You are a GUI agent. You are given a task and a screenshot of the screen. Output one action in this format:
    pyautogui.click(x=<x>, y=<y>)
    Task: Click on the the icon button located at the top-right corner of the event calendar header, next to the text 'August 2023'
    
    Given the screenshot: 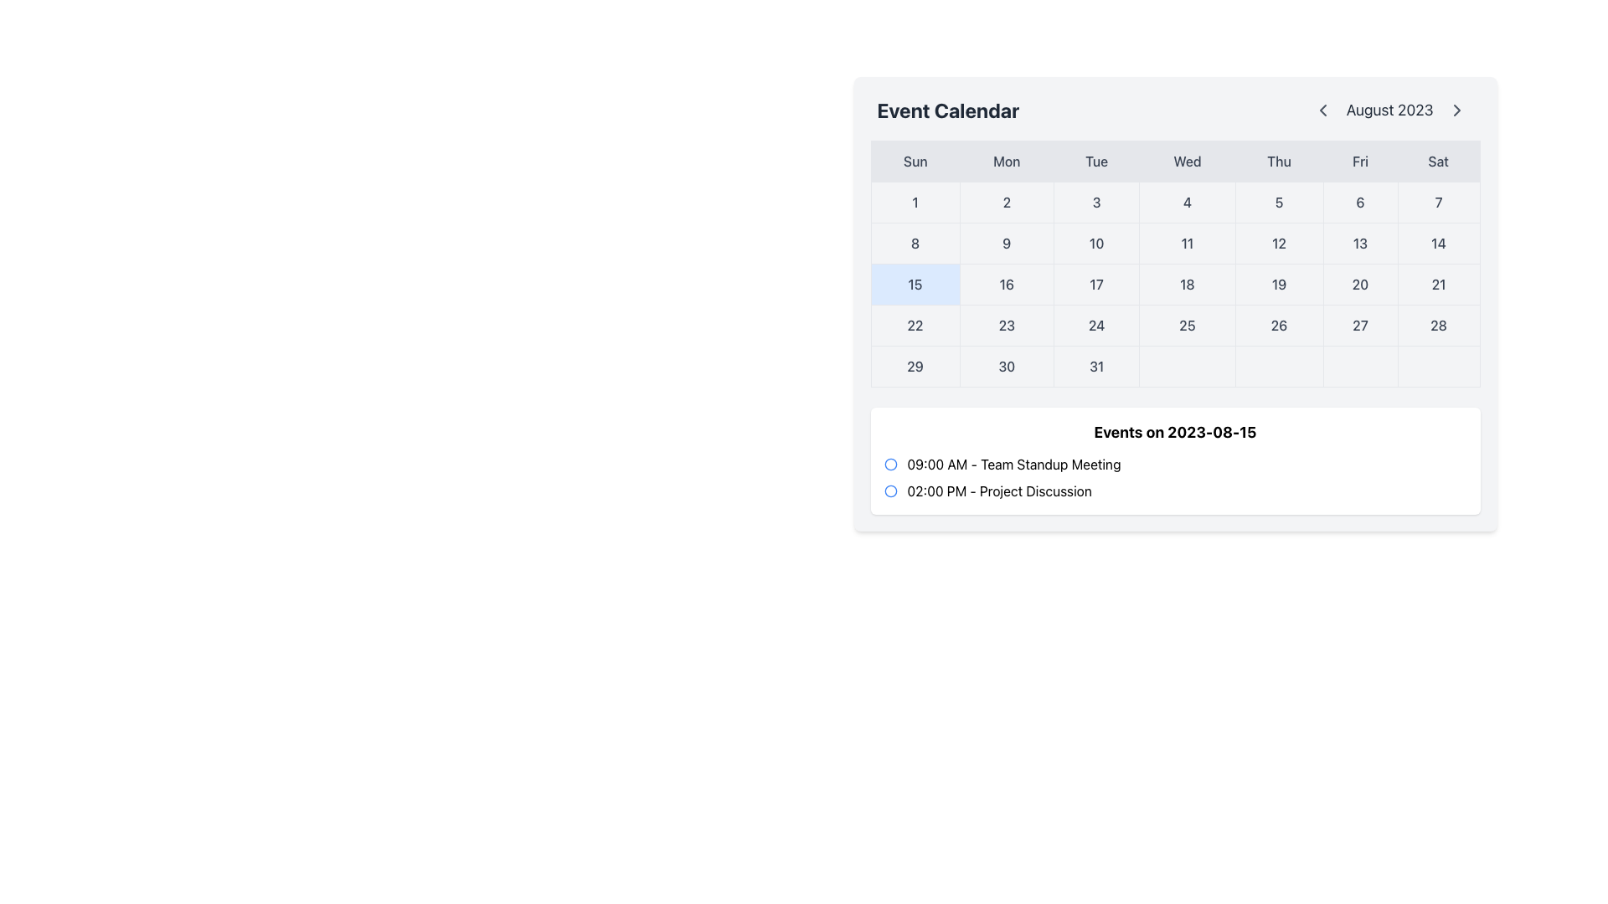 What is the action you would take?
    pyautogui.click(x=1456, y=110)
    